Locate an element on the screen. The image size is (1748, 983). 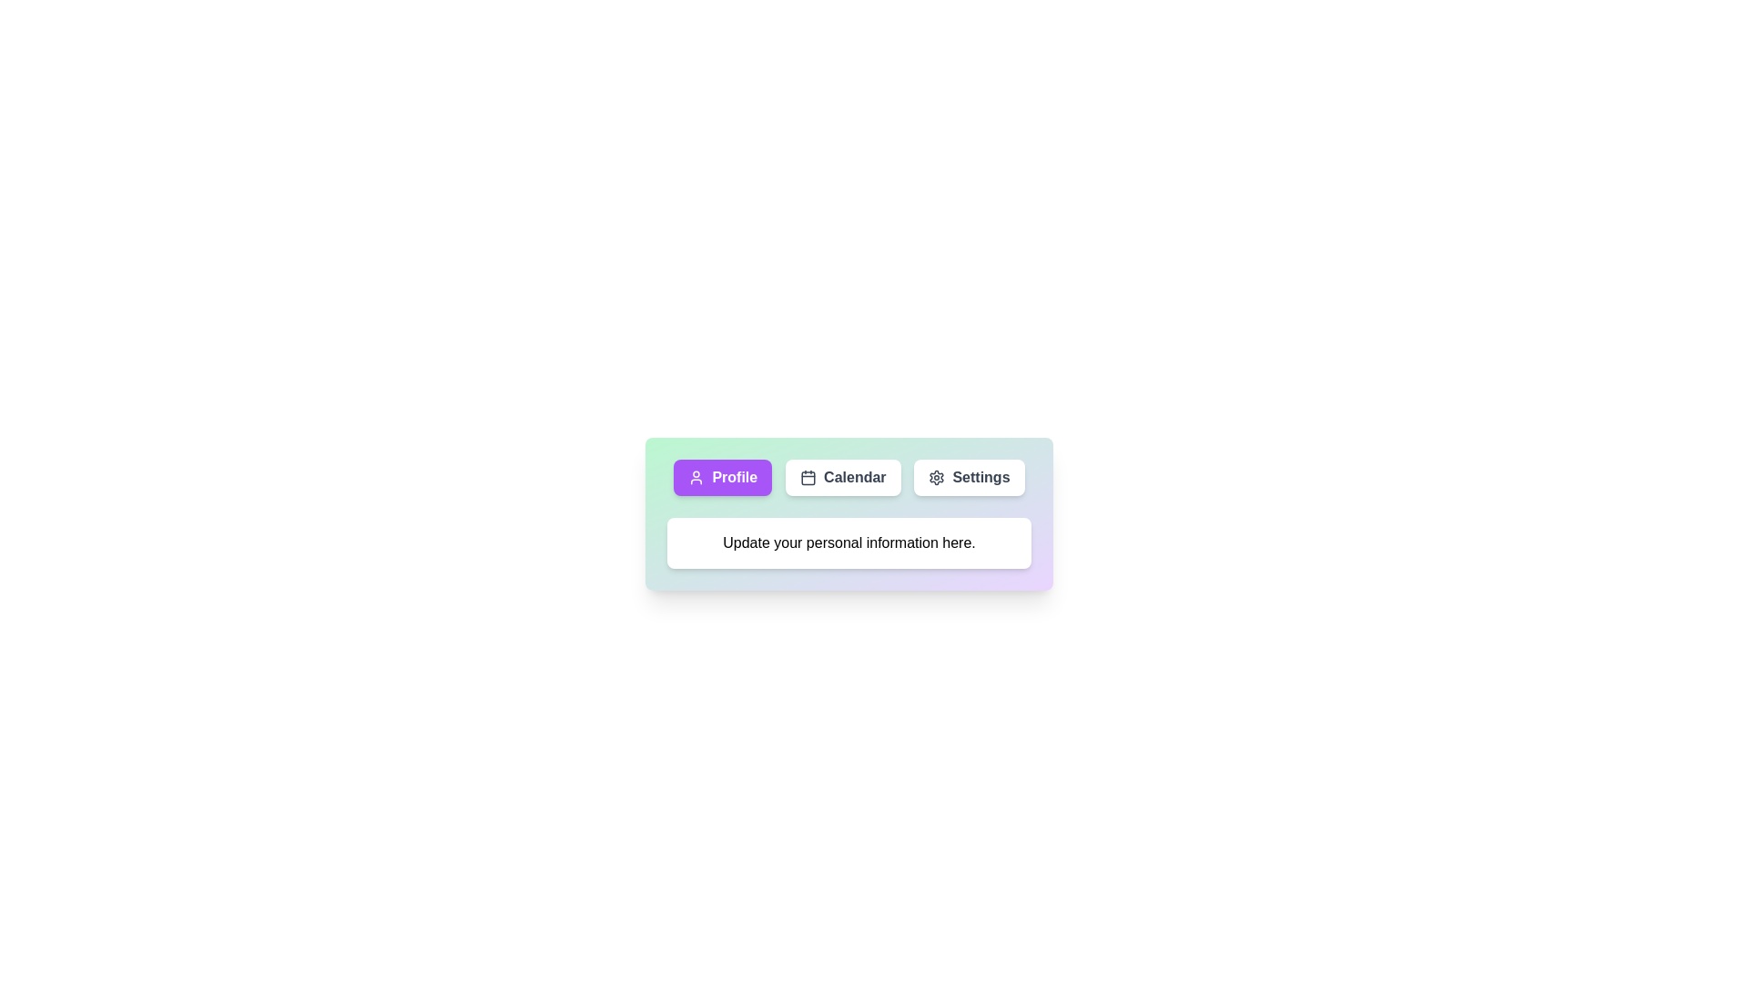
the 'Settings' button, which is the third button in a row of buttons with a white background and gray text, featuring a gear icon on the left is located at coordinates (968, 476).